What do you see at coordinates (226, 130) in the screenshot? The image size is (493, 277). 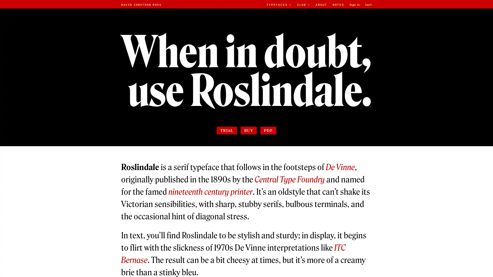 I see `Trial` at bounding box center [226, 130].